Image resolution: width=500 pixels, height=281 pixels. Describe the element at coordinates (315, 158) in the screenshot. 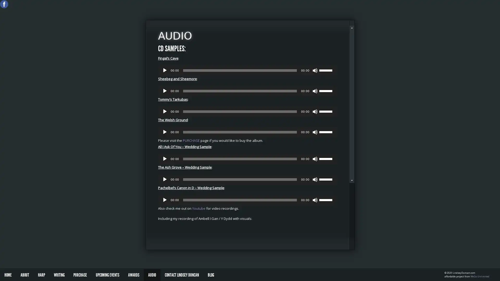

I see `Mute` at that location.